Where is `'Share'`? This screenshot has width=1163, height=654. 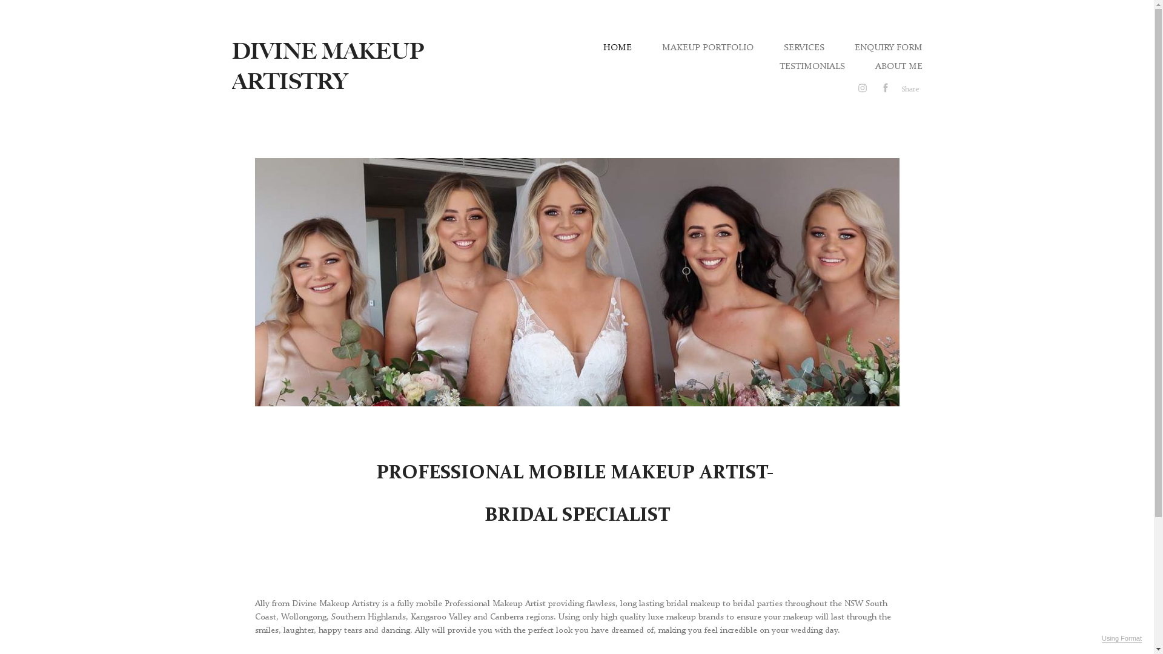 'Share' is located at coordinates (910, 88).